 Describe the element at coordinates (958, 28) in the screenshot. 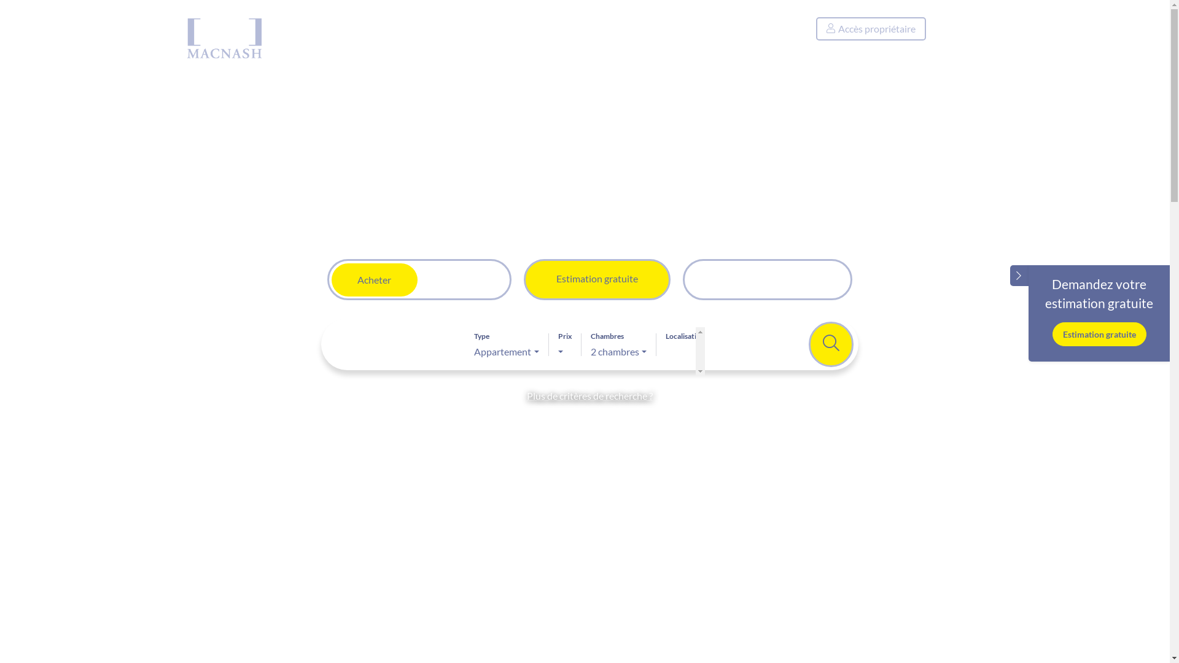

I see `'FR'` at that location.